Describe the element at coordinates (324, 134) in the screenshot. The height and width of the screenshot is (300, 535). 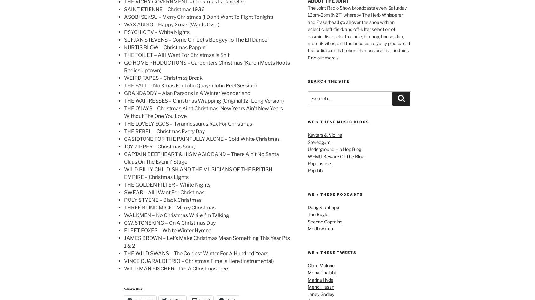
I see `'Keytars & Violins'` at that location.